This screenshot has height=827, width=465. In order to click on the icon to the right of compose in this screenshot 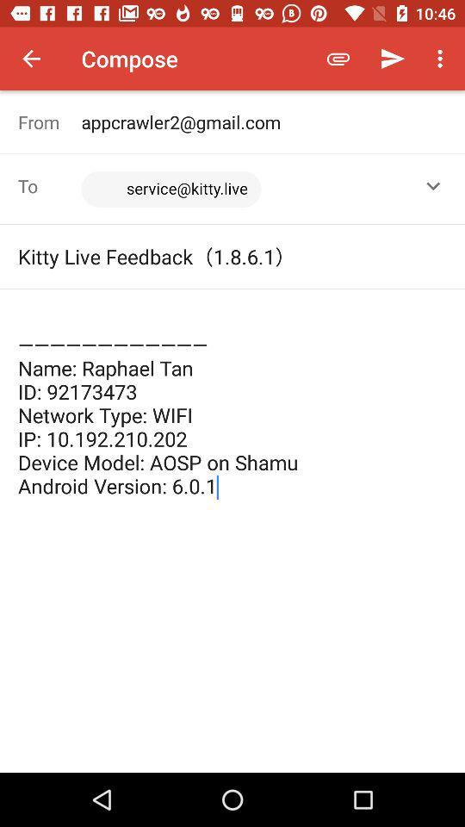, I will do `click(338, 59)`.